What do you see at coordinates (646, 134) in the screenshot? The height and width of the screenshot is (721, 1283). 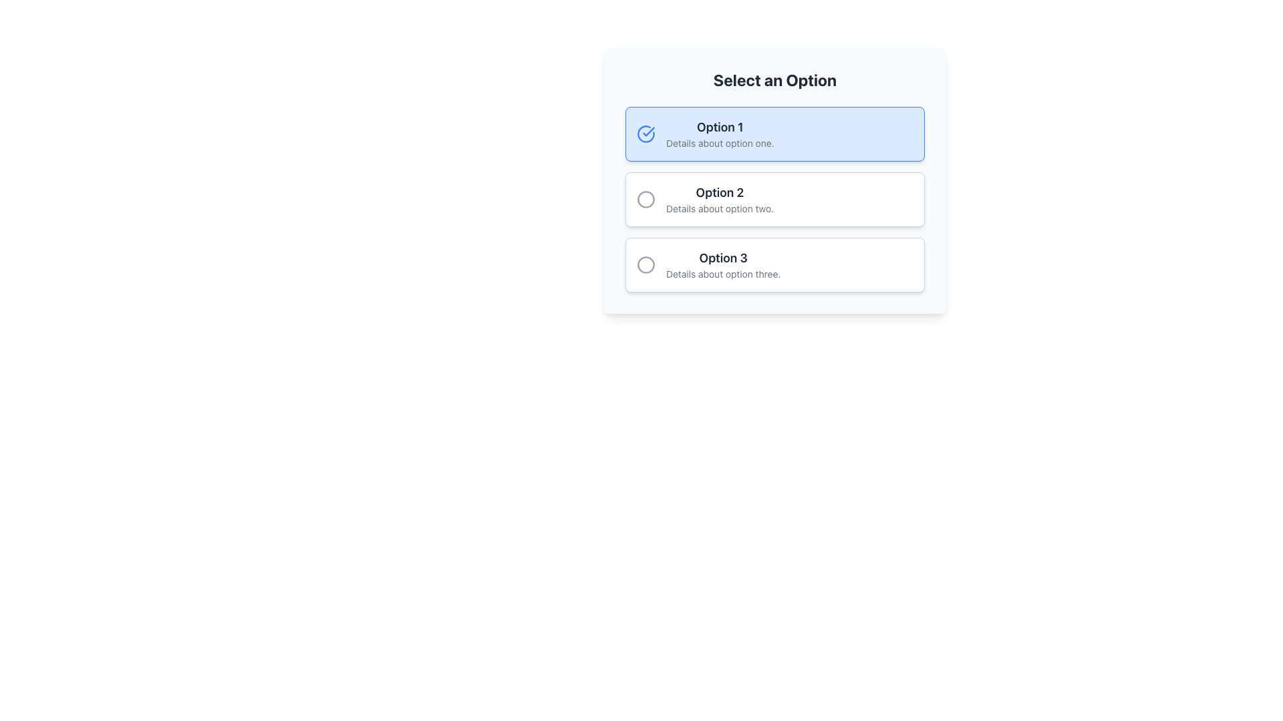 I see `the leading icon of the first selectable option block labeled 'Option 1', which indicates that this option is currently selected or active` at bounding box center [646, 134].